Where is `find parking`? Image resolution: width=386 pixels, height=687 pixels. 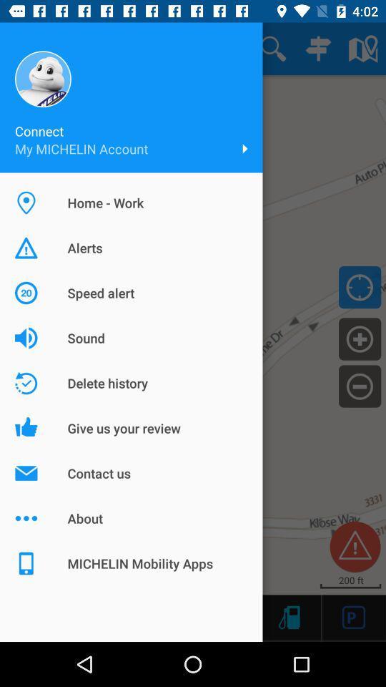 find parking is located at coordinates (353, 616).